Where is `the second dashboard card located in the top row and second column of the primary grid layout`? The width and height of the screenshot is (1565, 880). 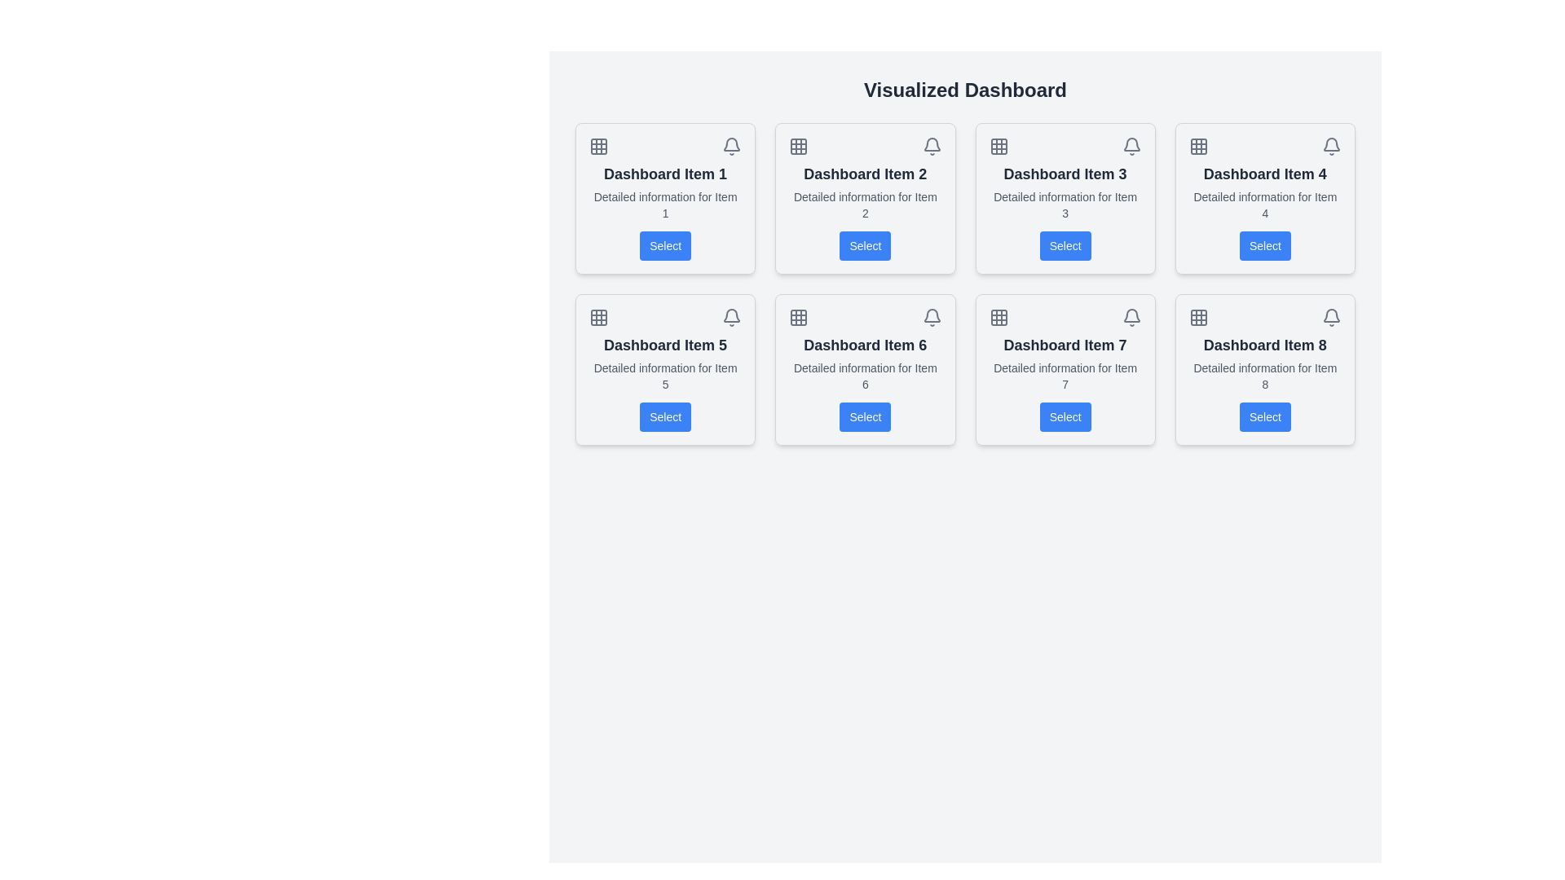 the second dashboard card located in the top row and second column of the primary grid layout is located at coordinates (864, 197).